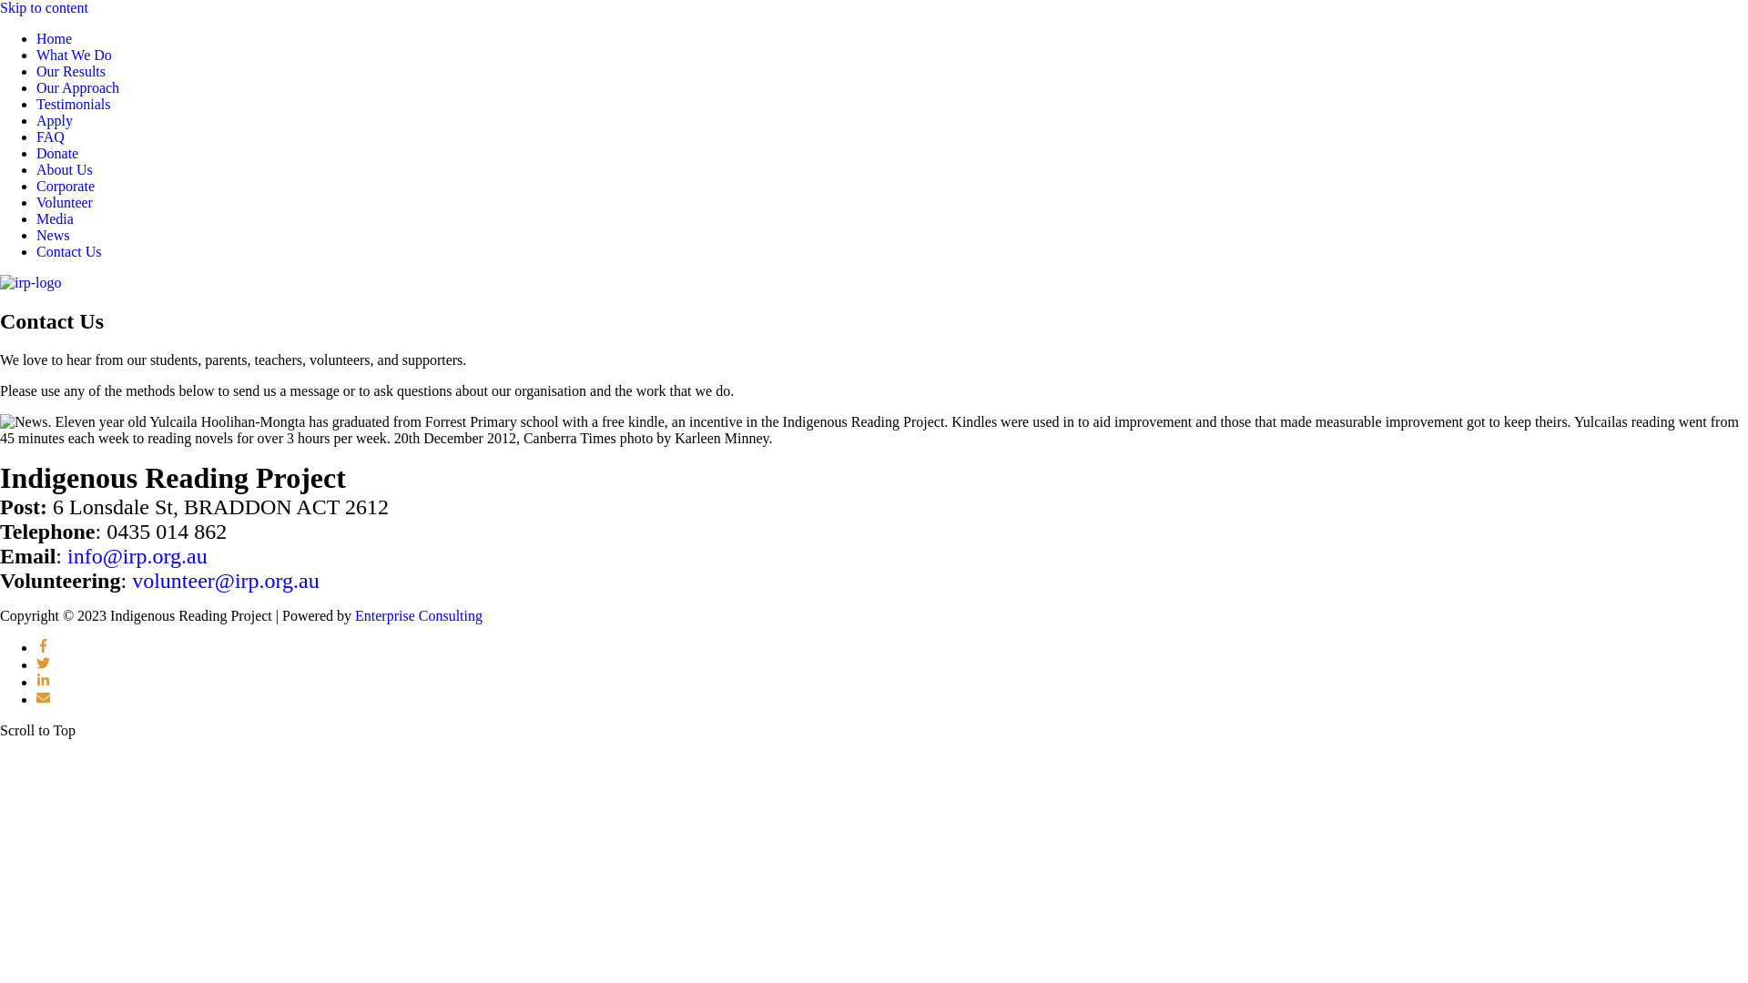 The image size is (1748, 983). Describe the element at coordinates (54, 38) in the screenshot. I see `'Home'` at that location.